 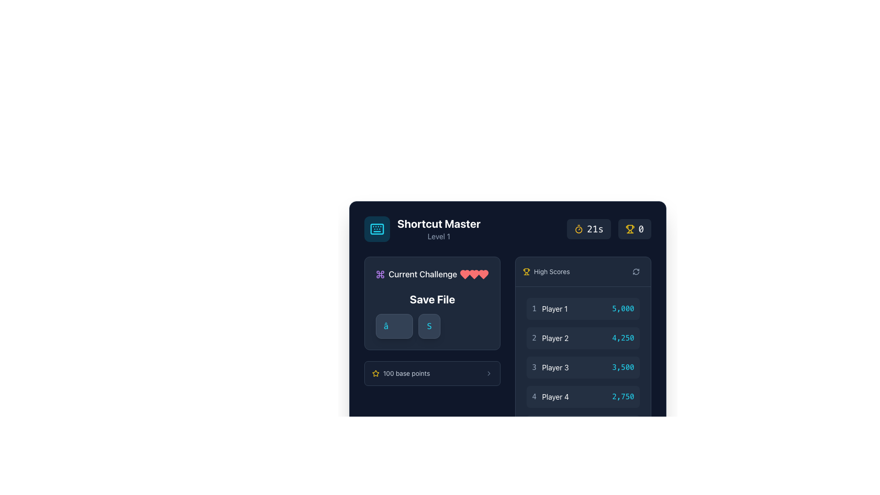 I want to click on the button representing the action or keyboard shortcut related to the letter 'S', which is positioned to the right of the button labeled '⌘' and located beneath the 'Save File' label, so click(x=429, y=326).